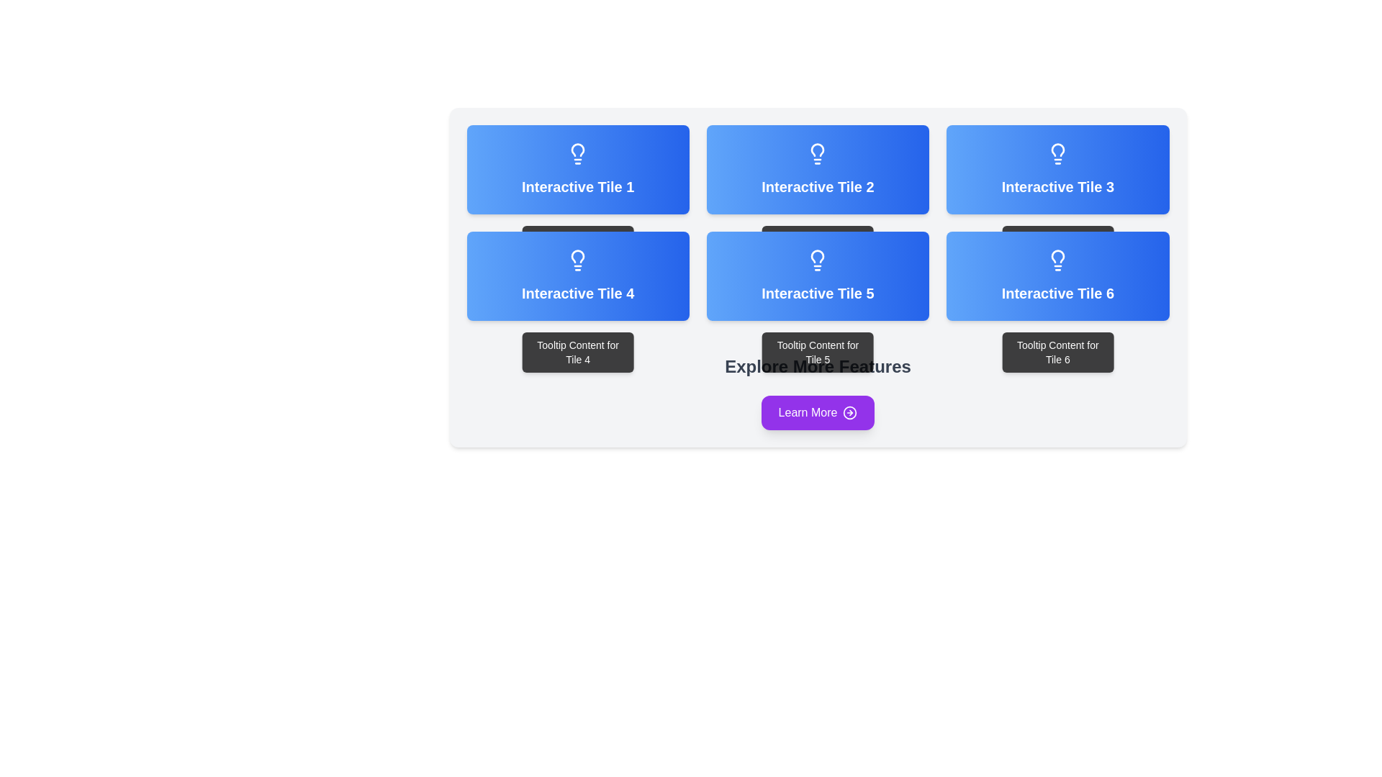 This screenshot has width=1382, height=777. Describe the element at coordinates (818, 153) in the screenshot. I see `the lightbulb icon located at the center-top of the 'Interactive Tile 2', which enhances the tile's meaning in the grid layout` at that location.